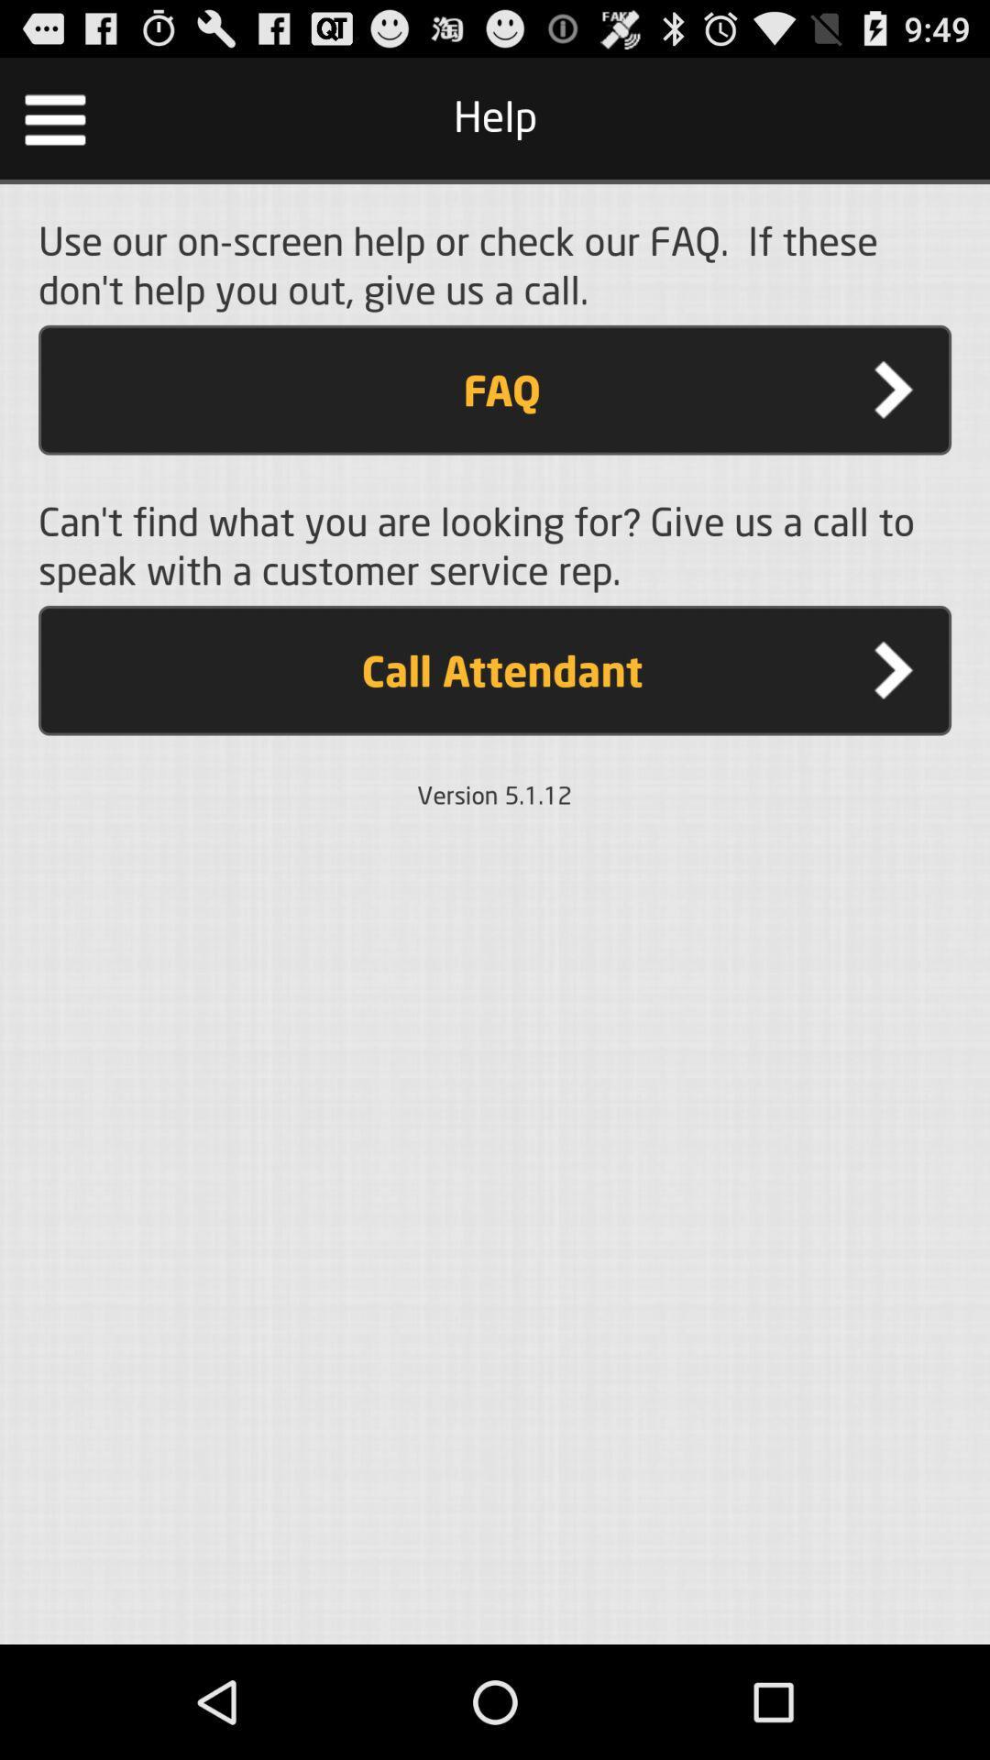 The image size is (990, 1760). What do you see at coordinates (495, 669) in the screenshot?
I see `the item above the version 5 1 item` at bounding box center [495, 669].